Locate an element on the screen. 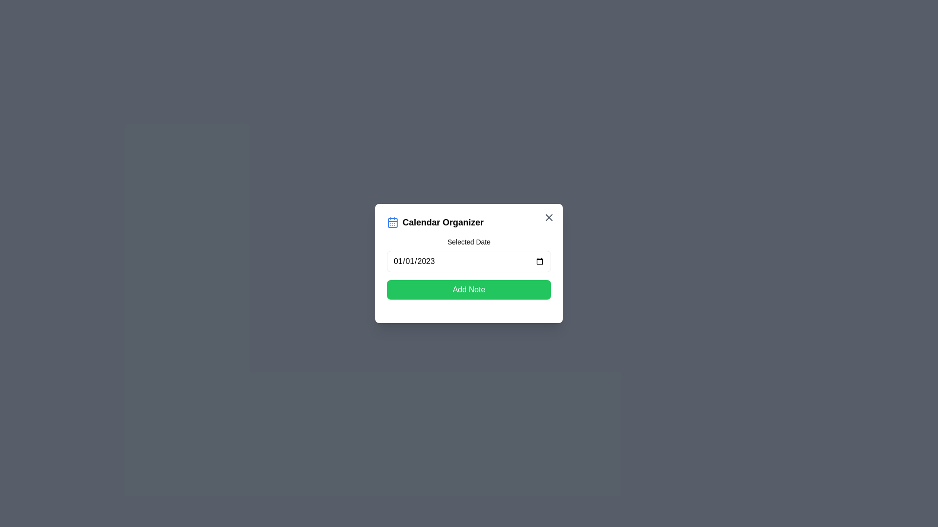 This screenshot has height=527, width=938. the close button to dismiss the dialog is located at coordinates (549, 217).